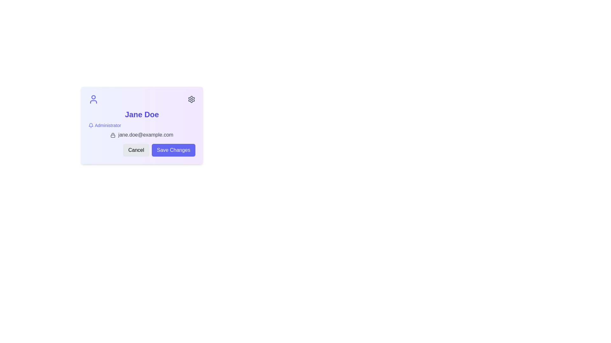 Image resolution: width=611 pixels, height=343 pixels. I want to click on the user icon represented by an indigo blue SVG image element located at the top-left corner of the profile card, so click(93, 99).